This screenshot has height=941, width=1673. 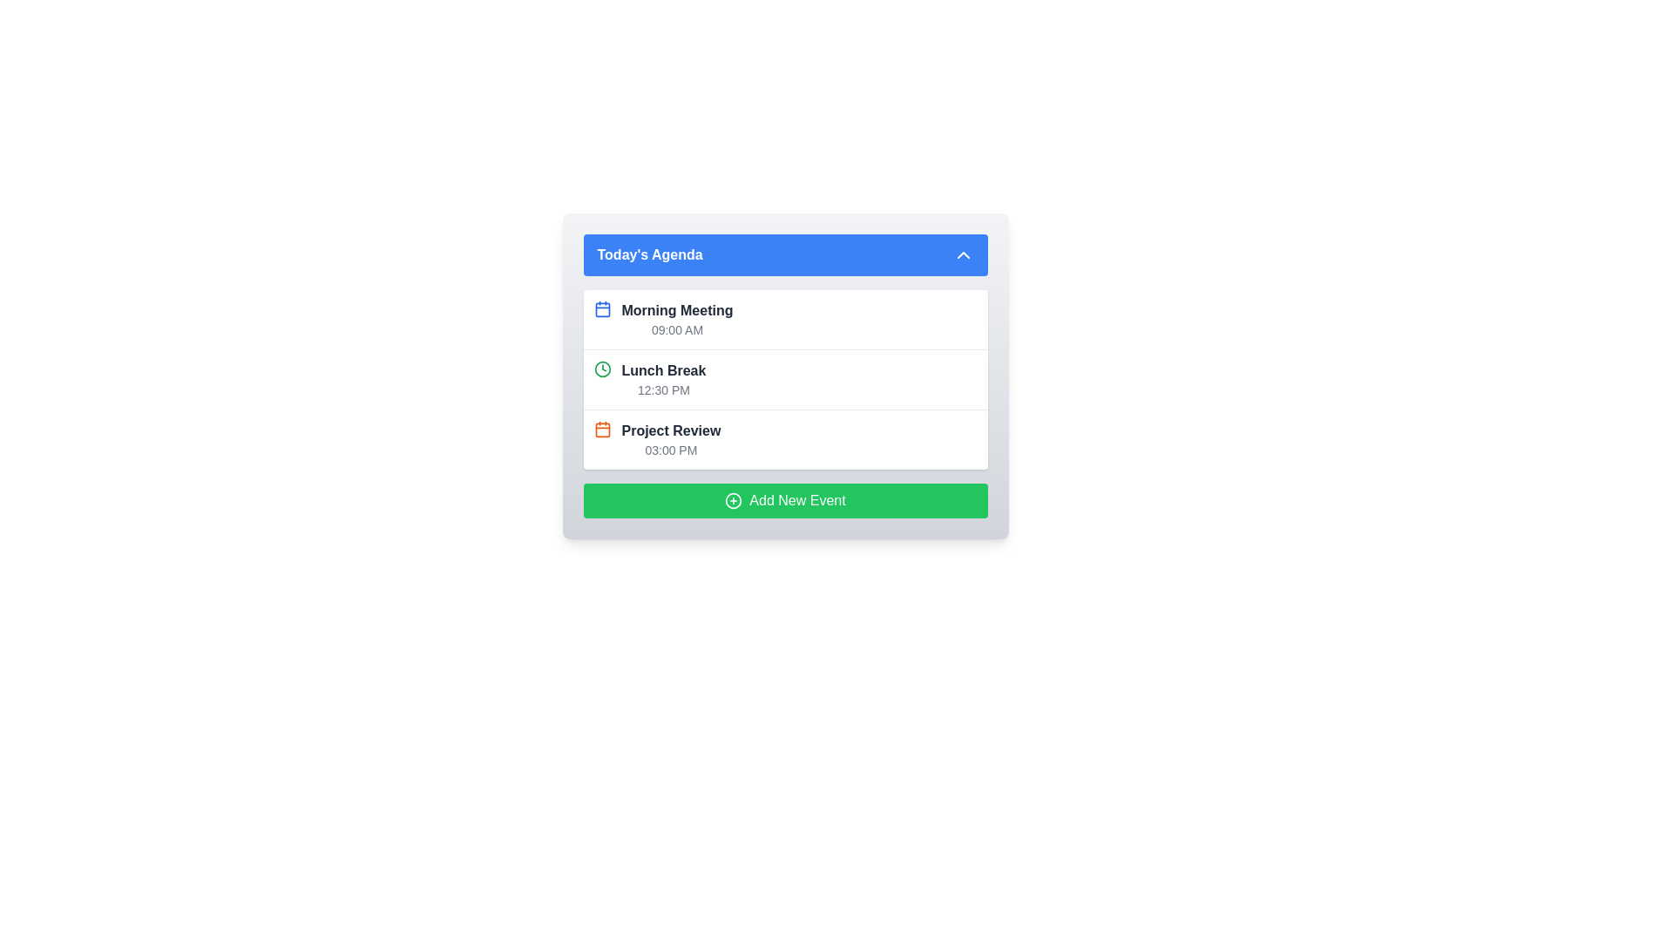 What do you see at coordinates (670, 430) in the screenshot?
I see `the label that displays the event name 'Project Review' located below the 'Lunch Break' listing in the agenda` at bounding box center [670, 430].